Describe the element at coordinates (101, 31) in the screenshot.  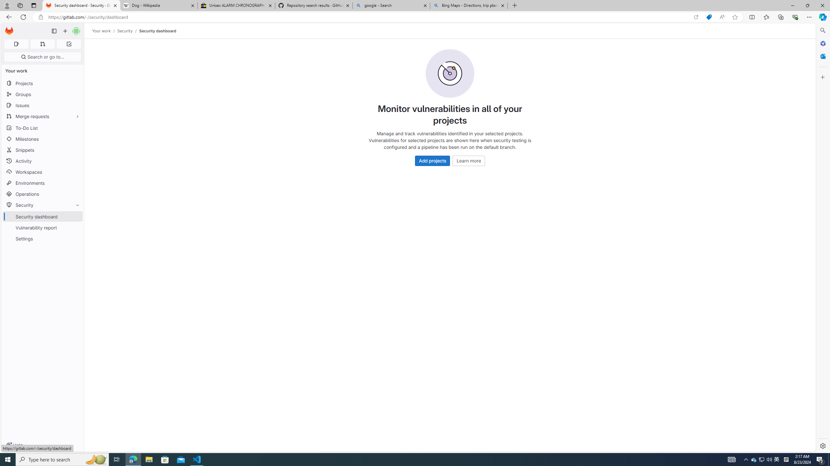
I see `'Your work'` at that location.